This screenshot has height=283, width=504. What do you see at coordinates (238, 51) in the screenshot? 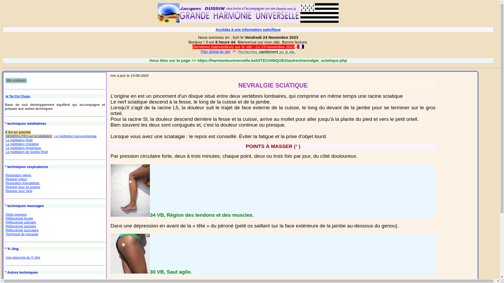
I see `'Recherchez rapidement sur le site.'` at bounding box center [238, 51].